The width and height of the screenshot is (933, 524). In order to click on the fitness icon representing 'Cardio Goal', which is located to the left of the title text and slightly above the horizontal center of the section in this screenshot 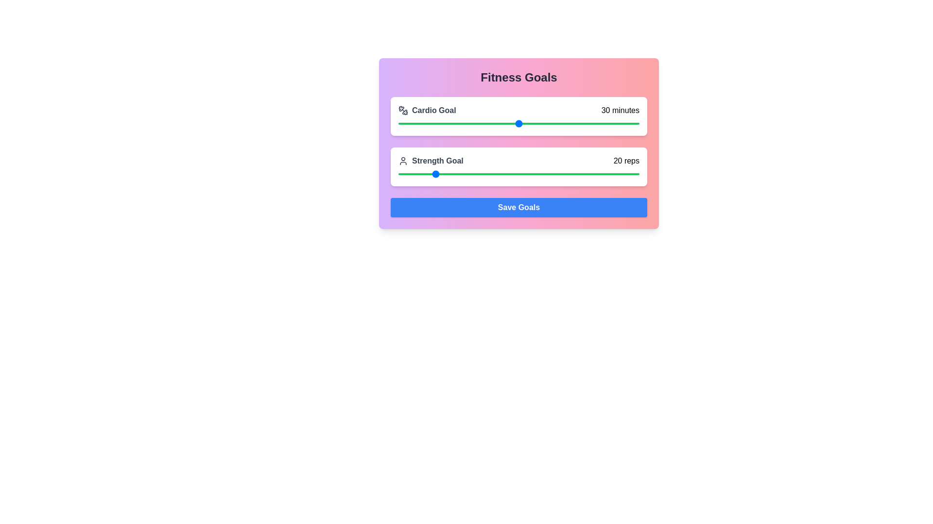, I will do `click(403, 110)`.